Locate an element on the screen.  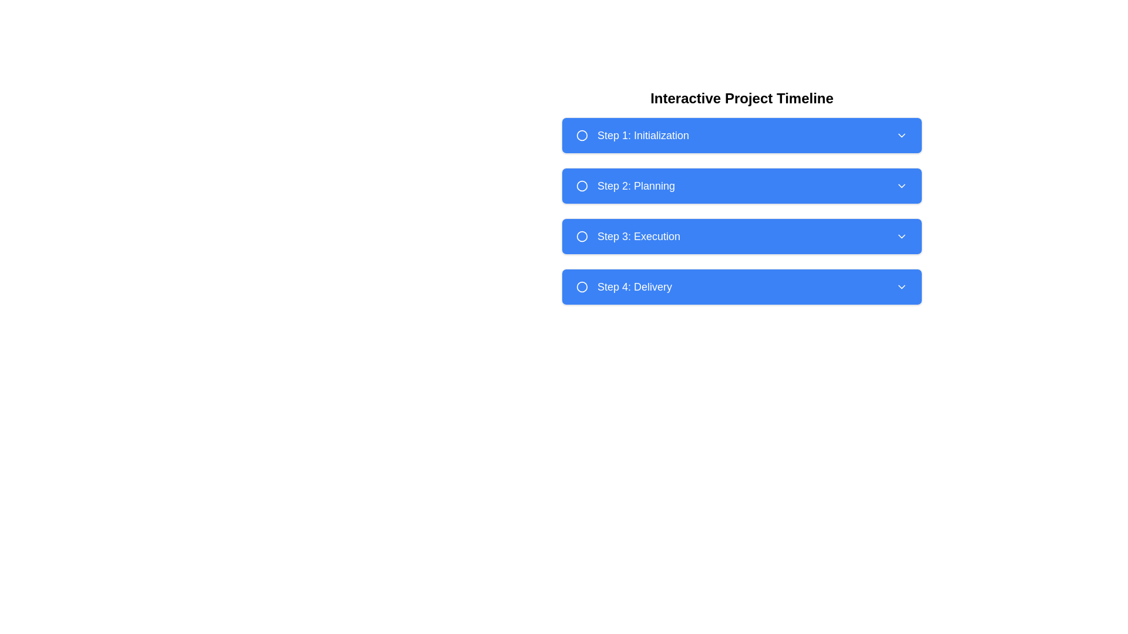
the interactive row item labeled 'Step 2: Planning' in the project timeline interface is located at coordinates (741, 196).